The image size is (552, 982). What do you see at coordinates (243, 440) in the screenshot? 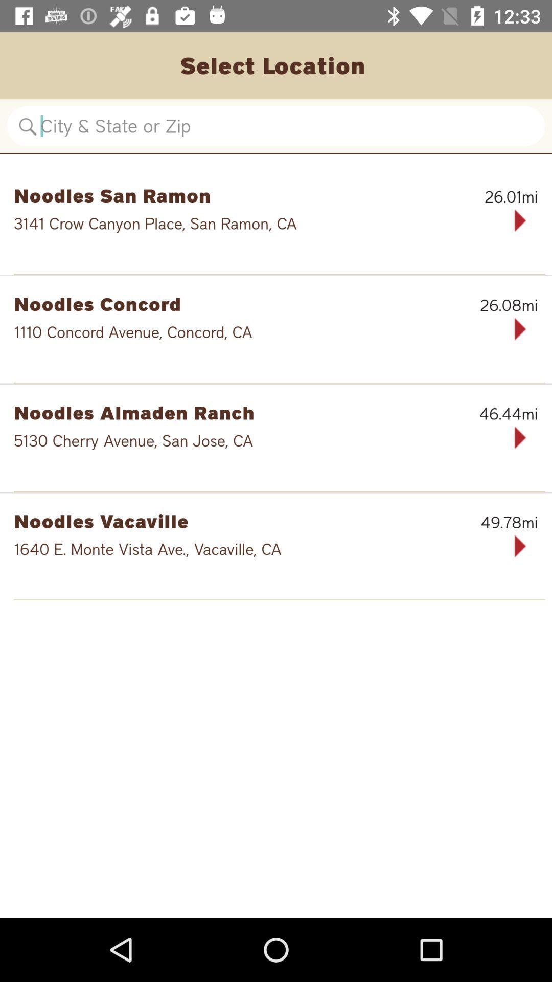
I see `the icon below noodles almaden ranch` at bounding box center [243, 440].